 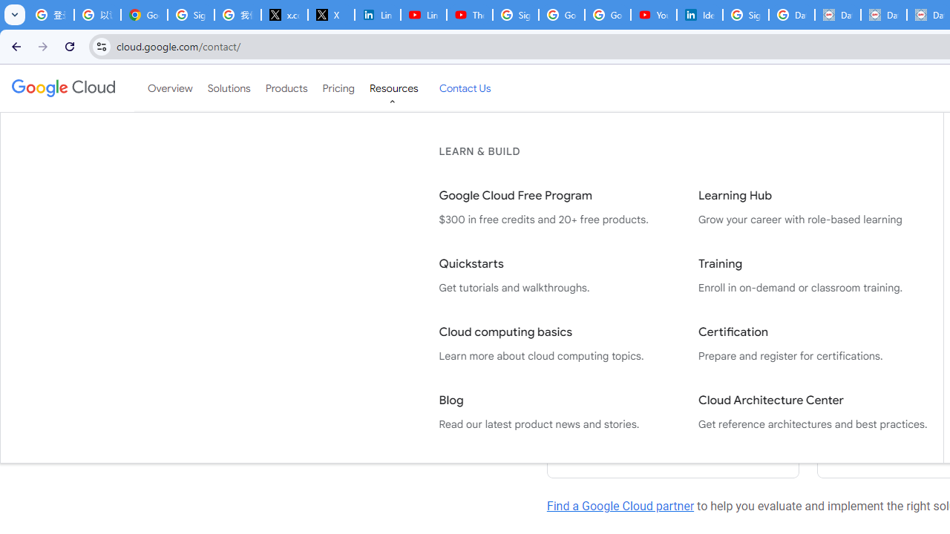 I want to click on 'LinkedIn - YouTube', so click(x=422, y=15).